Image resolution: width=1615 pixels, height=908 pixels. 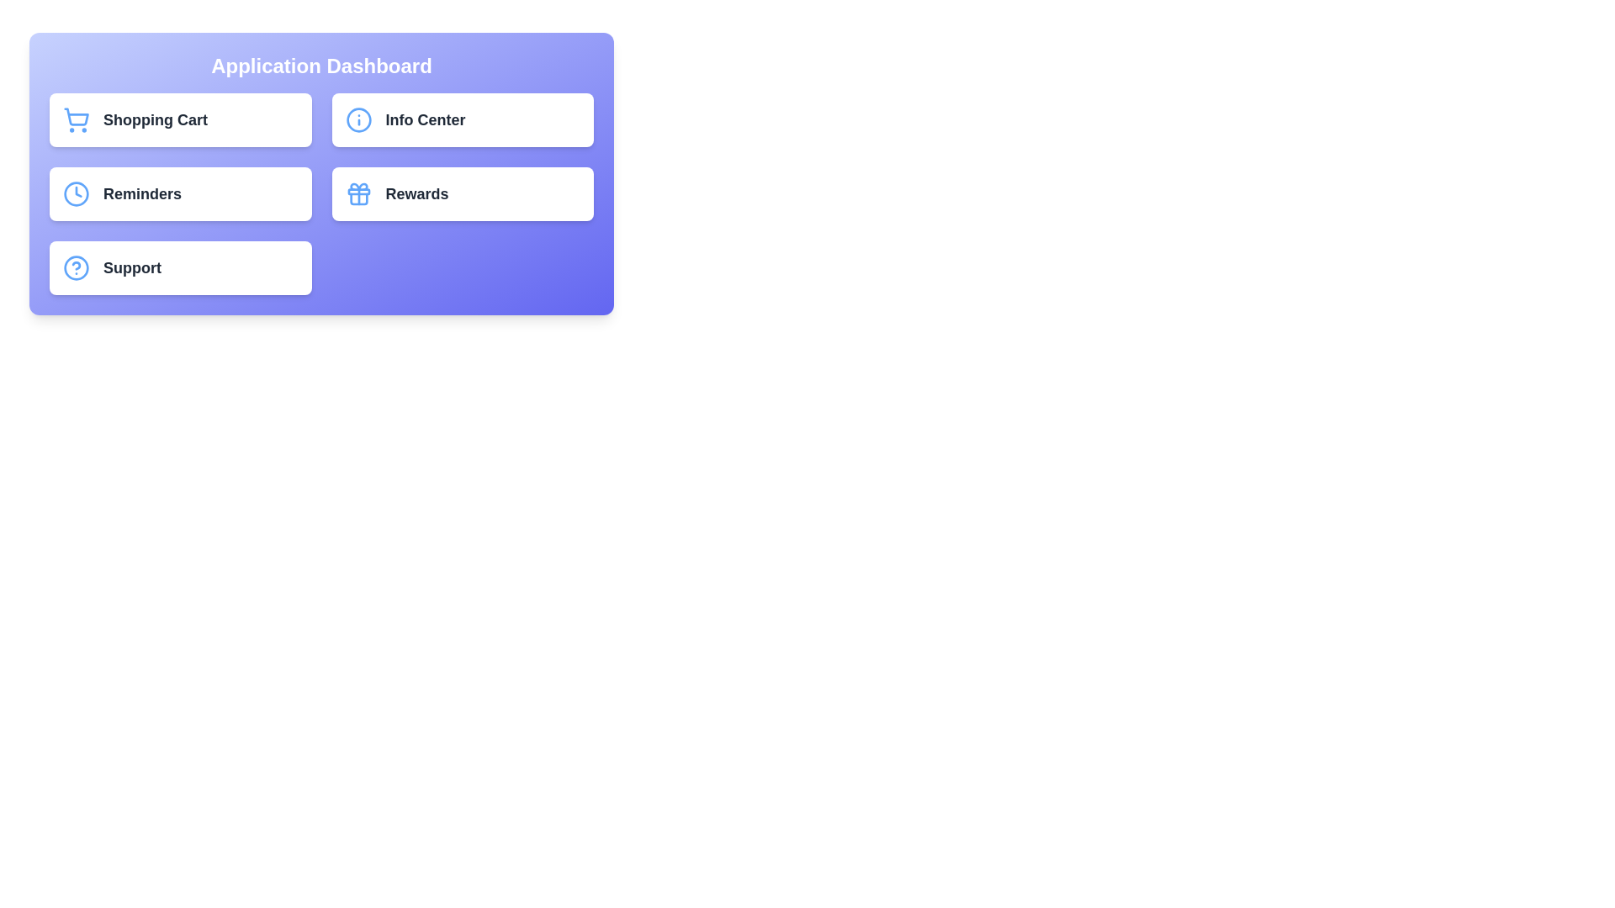 I want to click on the leftmost icon within the white rounded rectangular box labeled 'Support' at the bottom-left of the Application Dashboard, so click(x=76, y=267).